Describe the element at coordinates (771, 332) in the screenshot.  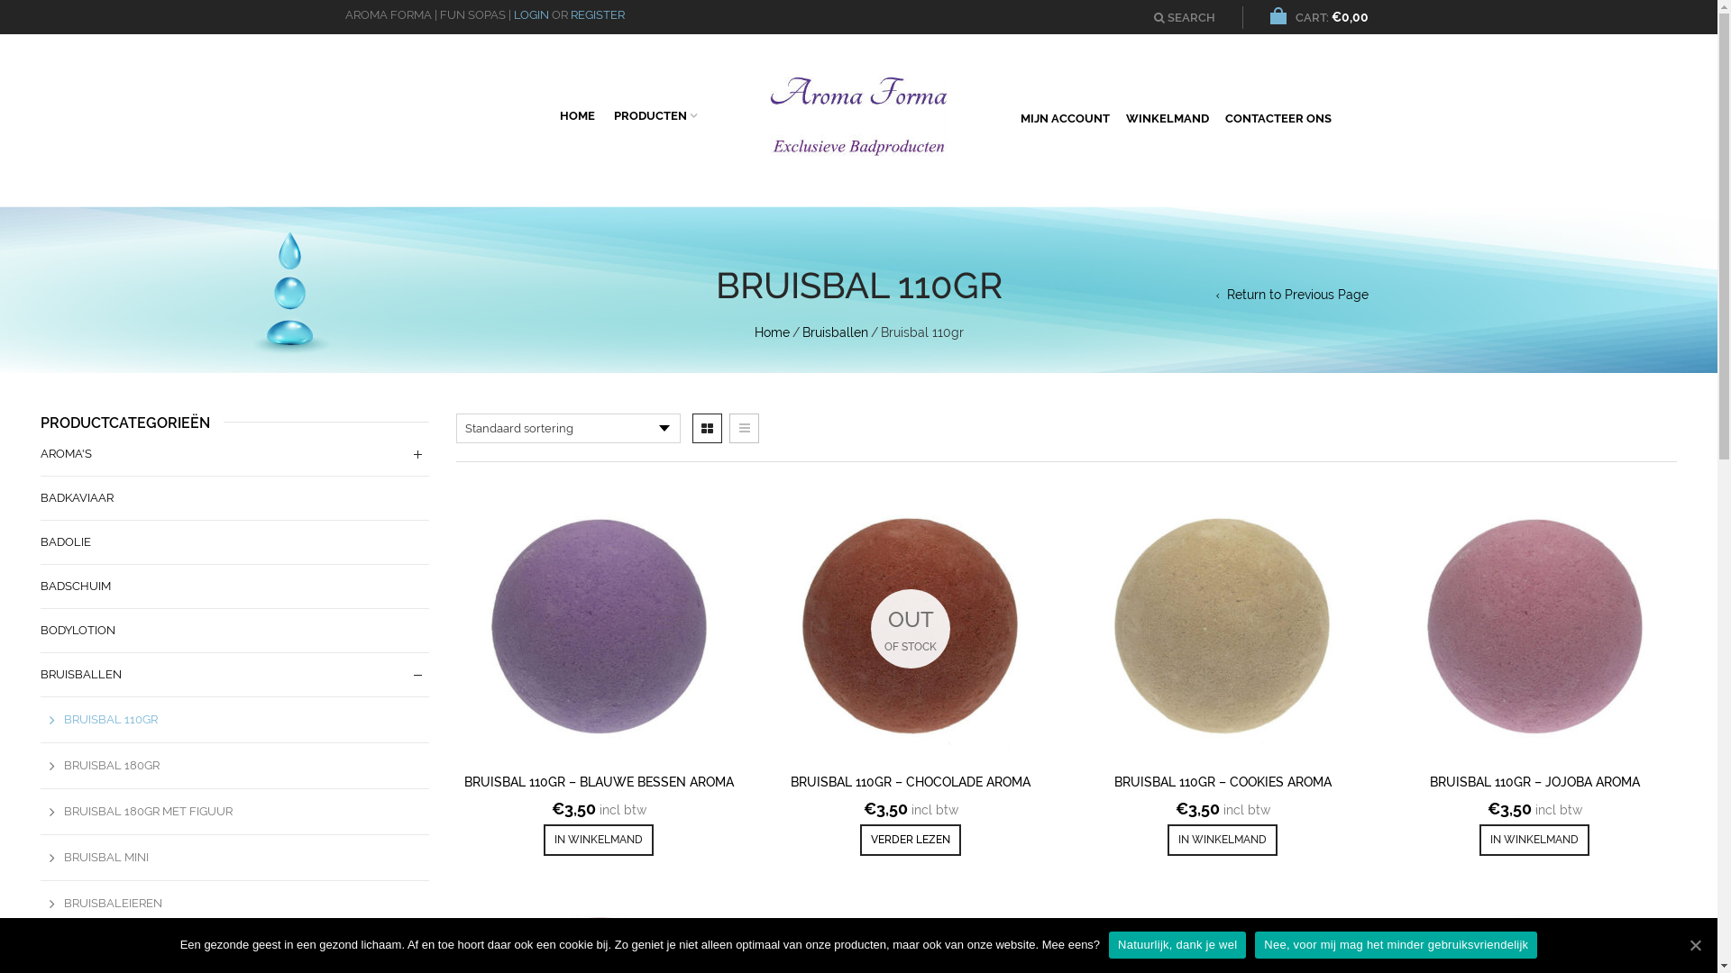
I see `'Home'` at that location.